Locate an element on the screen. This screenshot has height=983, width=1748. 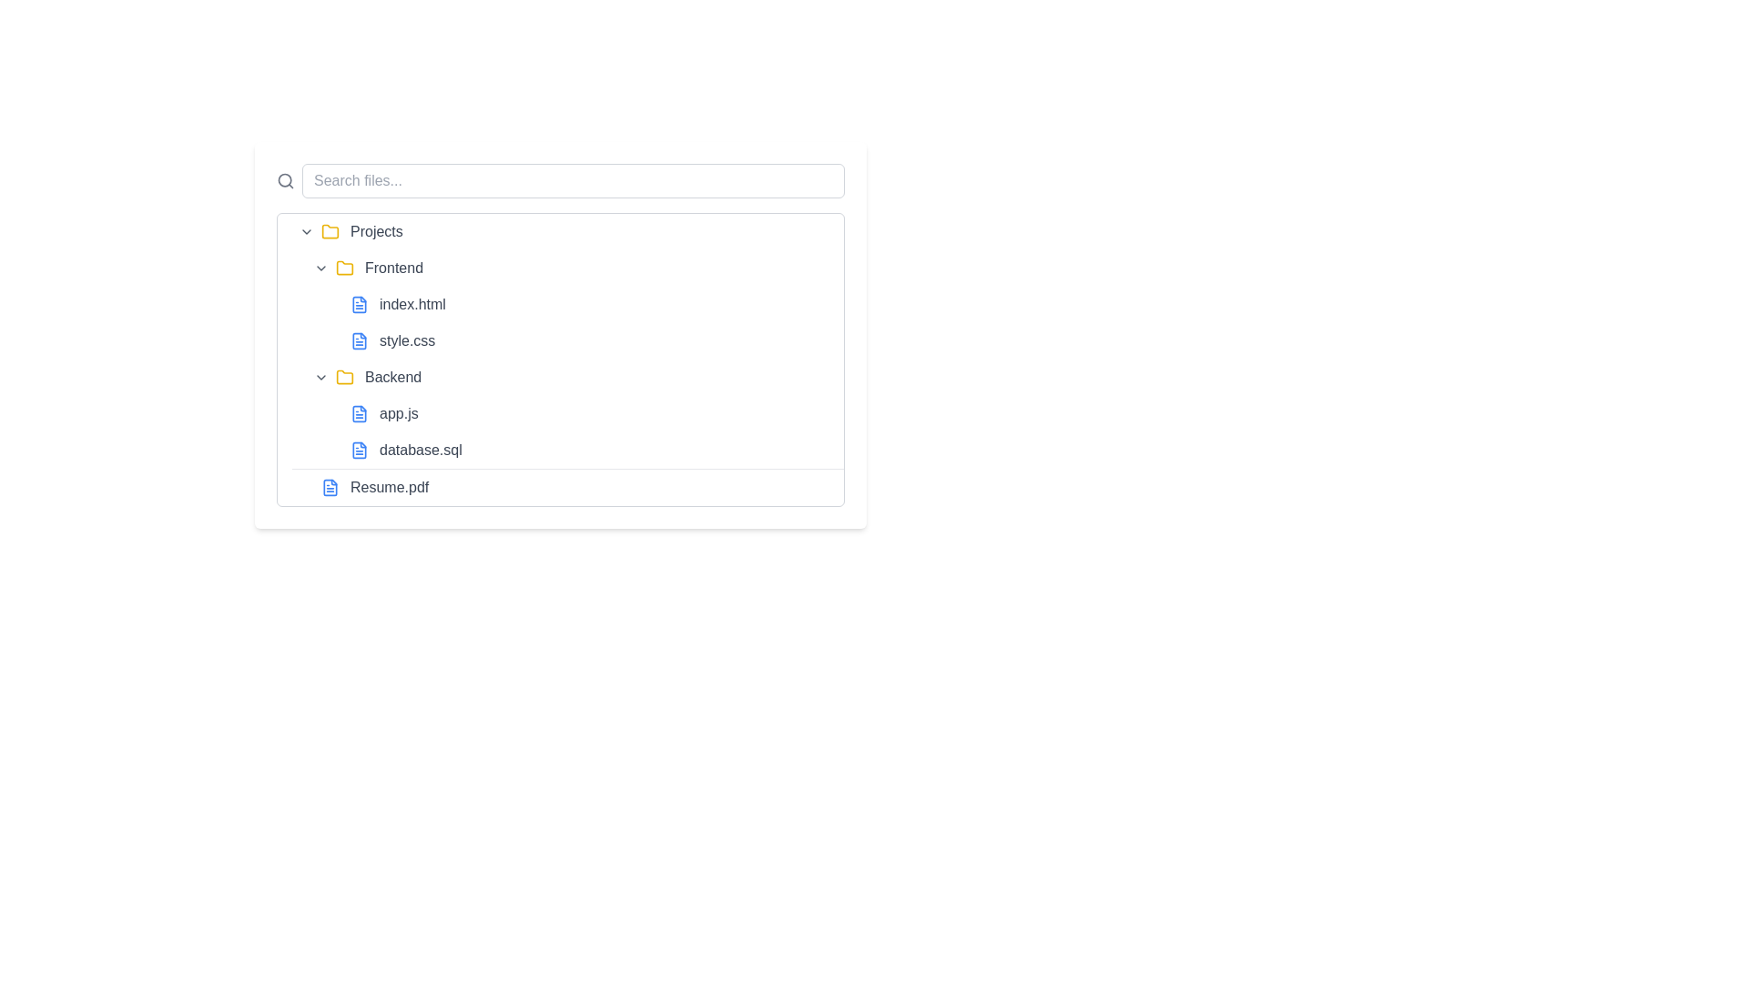
the chevron-down icon next to the 'Projects' menu is located at coordinates (306, 230).